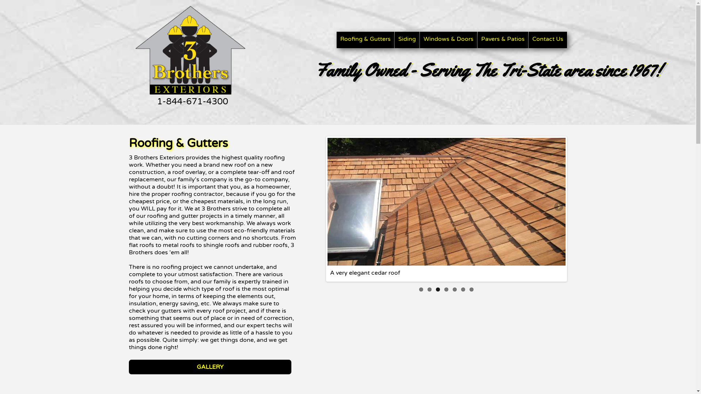  What do you see at coordinates (463, 289) in the screenshot?
I see `'6'` at bounding box center [463, 289].